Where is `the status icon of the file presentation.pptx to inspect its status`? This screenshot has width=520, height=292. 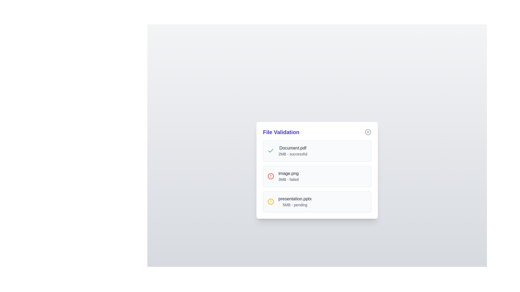 the status icon of the file presentation.pptx to inspect its status is located at coordinates (271, 201).